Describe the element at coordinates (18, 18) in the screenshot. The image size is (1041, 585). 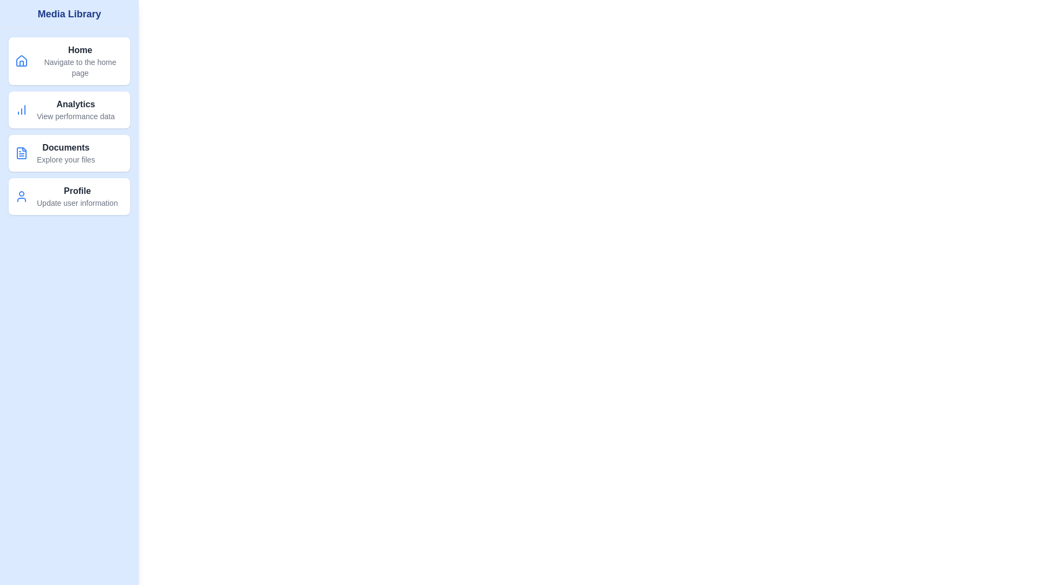
I see `toggle button to toggle the visibility of the MediaLibraryDrawer` at that location.